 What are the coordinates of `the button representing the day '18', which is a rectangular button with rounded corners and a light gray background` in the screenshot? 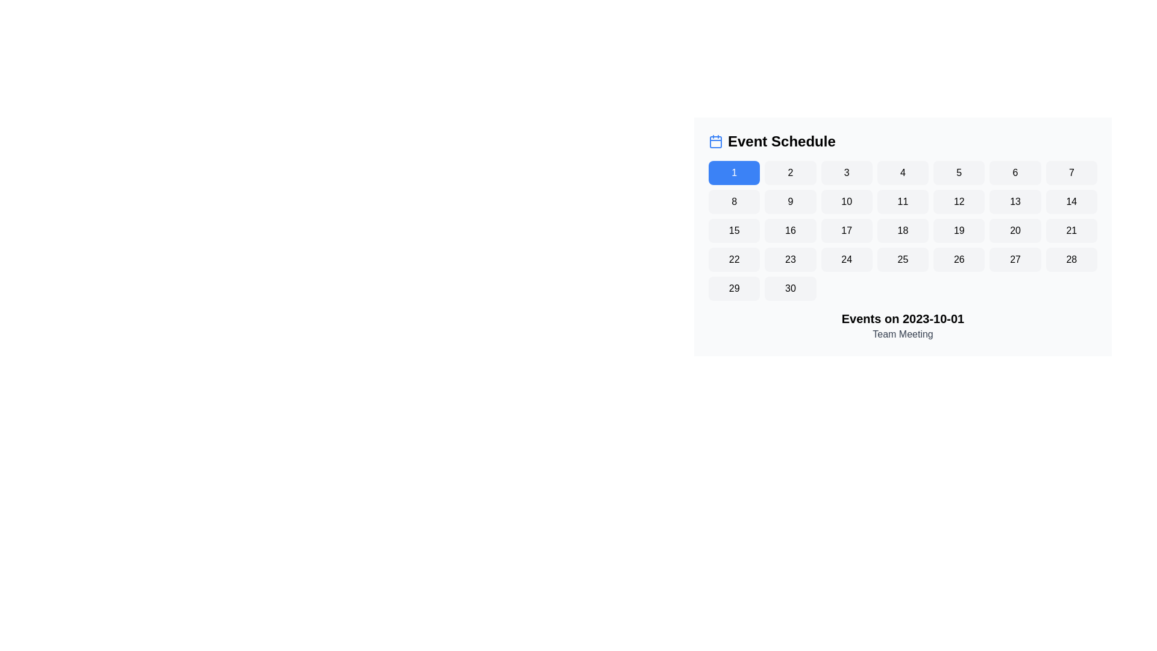 It's located at (903, 230).